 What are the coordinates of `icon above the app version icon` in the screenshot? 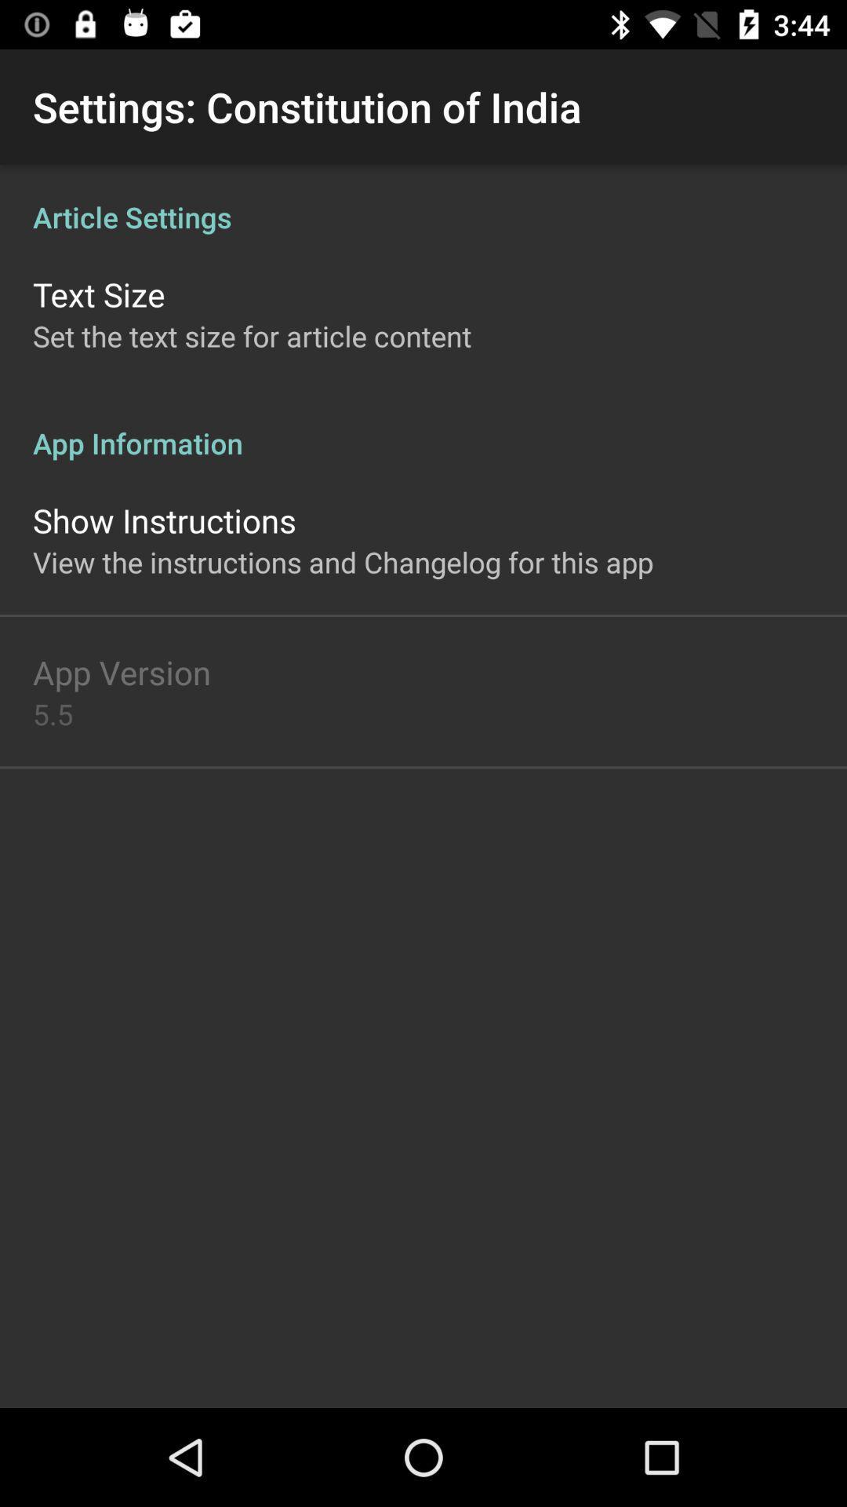 It's located at (342, 562).